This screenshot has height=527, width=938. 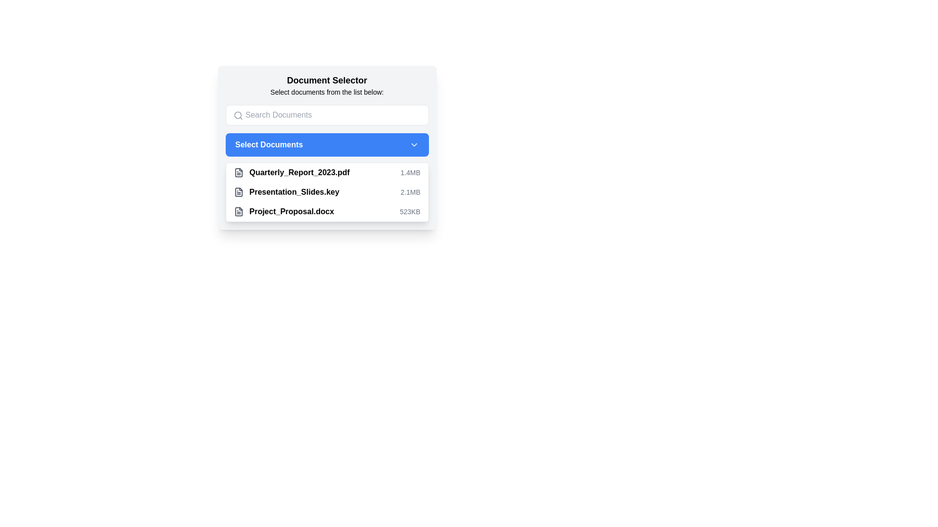 What do you see at coordinates (286, 192) in the screenshot?
I see `the filename 'Presentation_Slides.key' which is the second item in the file selection list` at bounding box center [286, 192].